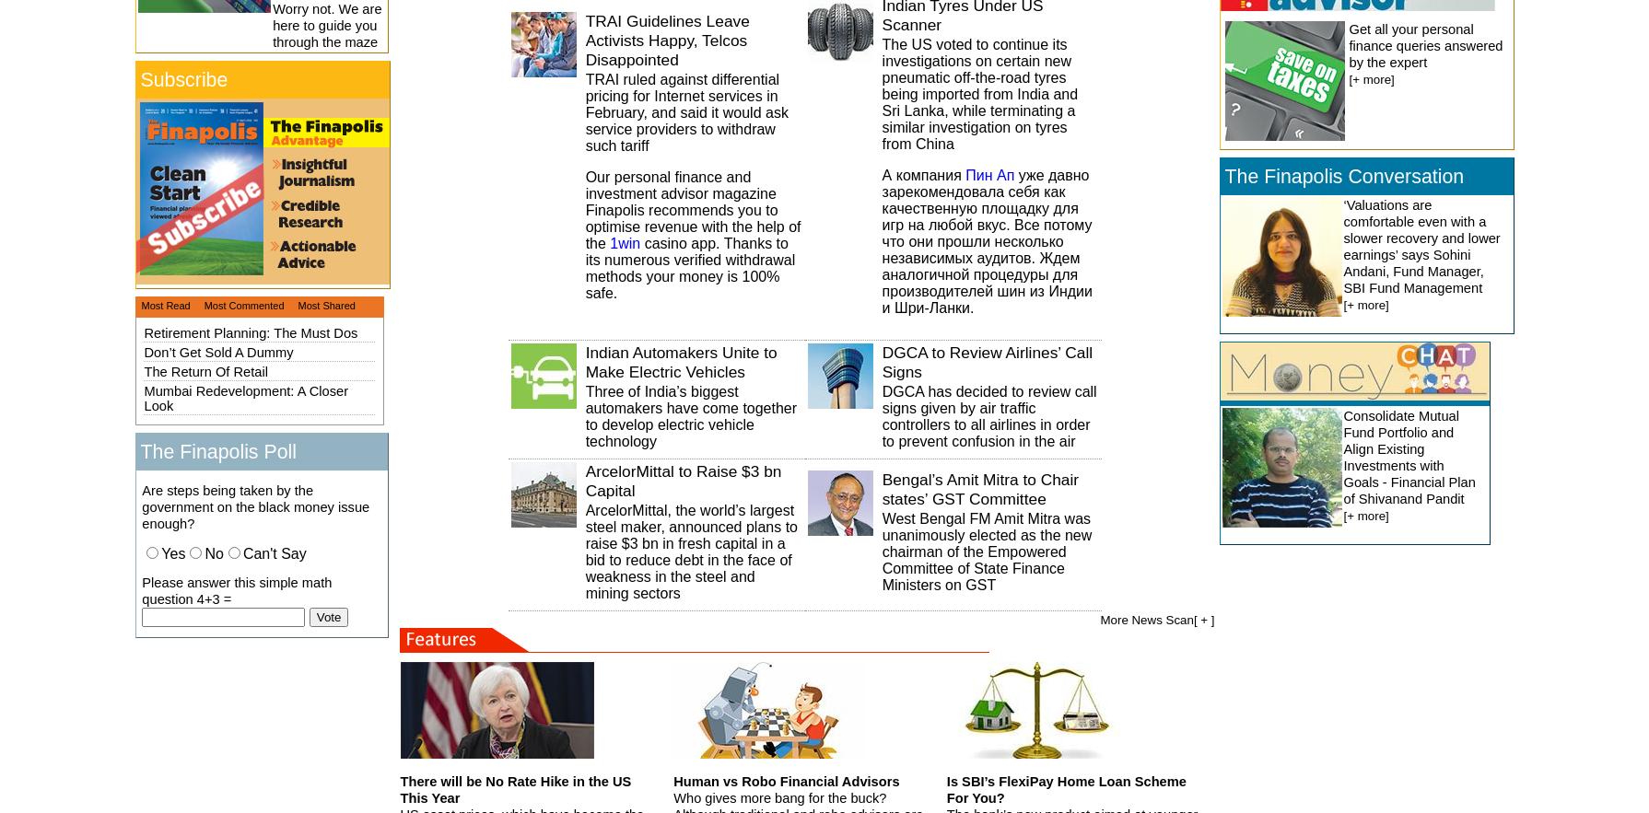 The image size is (1649, 813). I want to click on 'casino app. Thanks to its numerous verified withdrawal methods your money is 100% safe.', so click(688, 267).